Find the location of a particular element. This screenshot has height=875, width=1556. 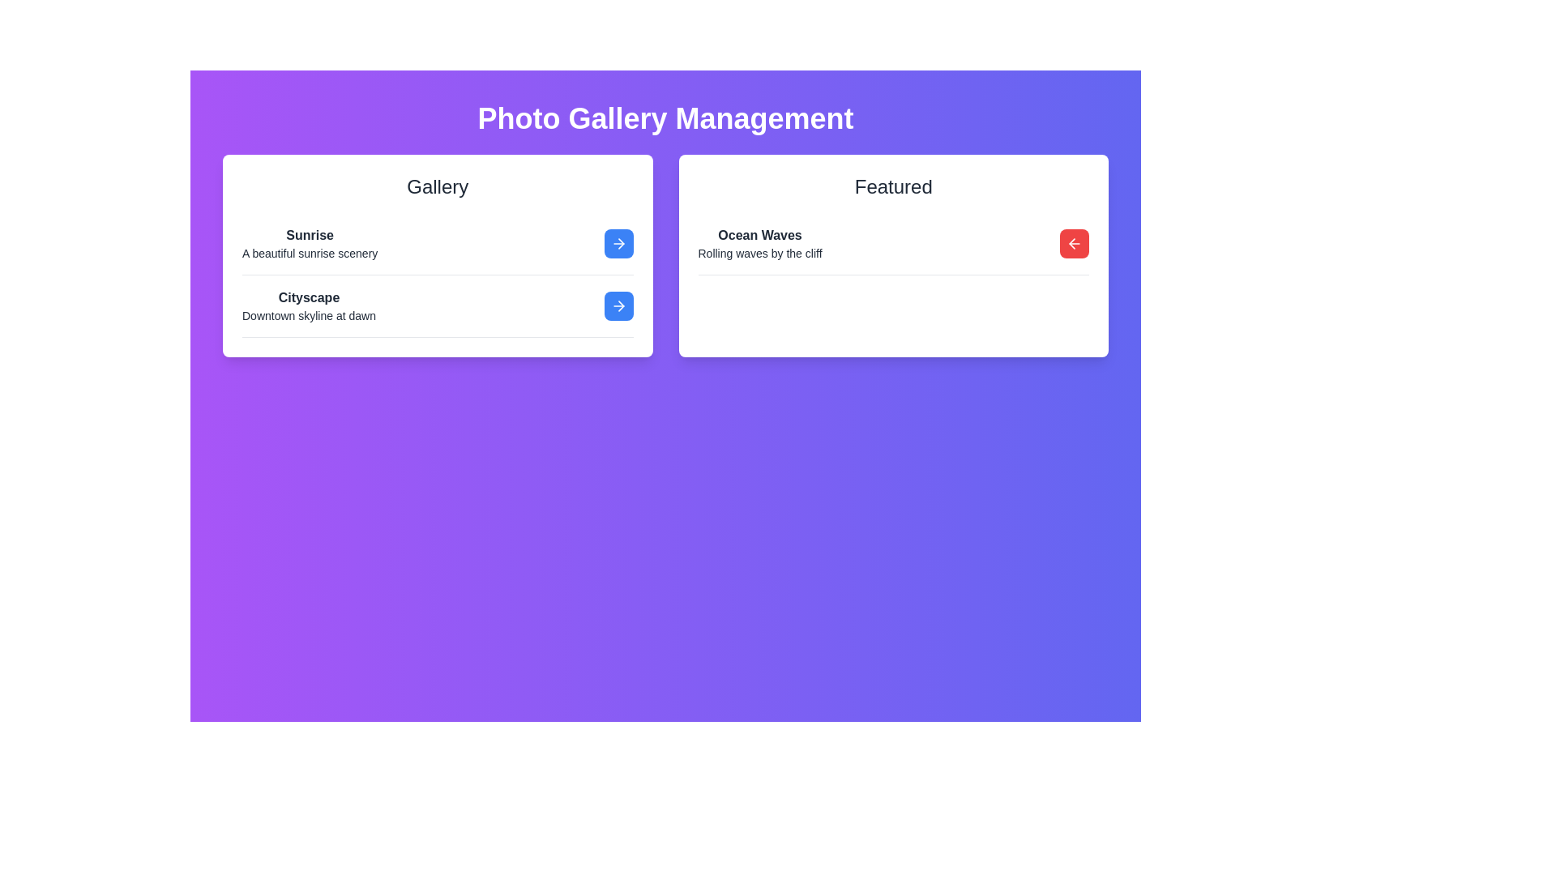

the first item in the 'Gallery' section, labeled 'Sunrise' is located at coordinates (438, 244).